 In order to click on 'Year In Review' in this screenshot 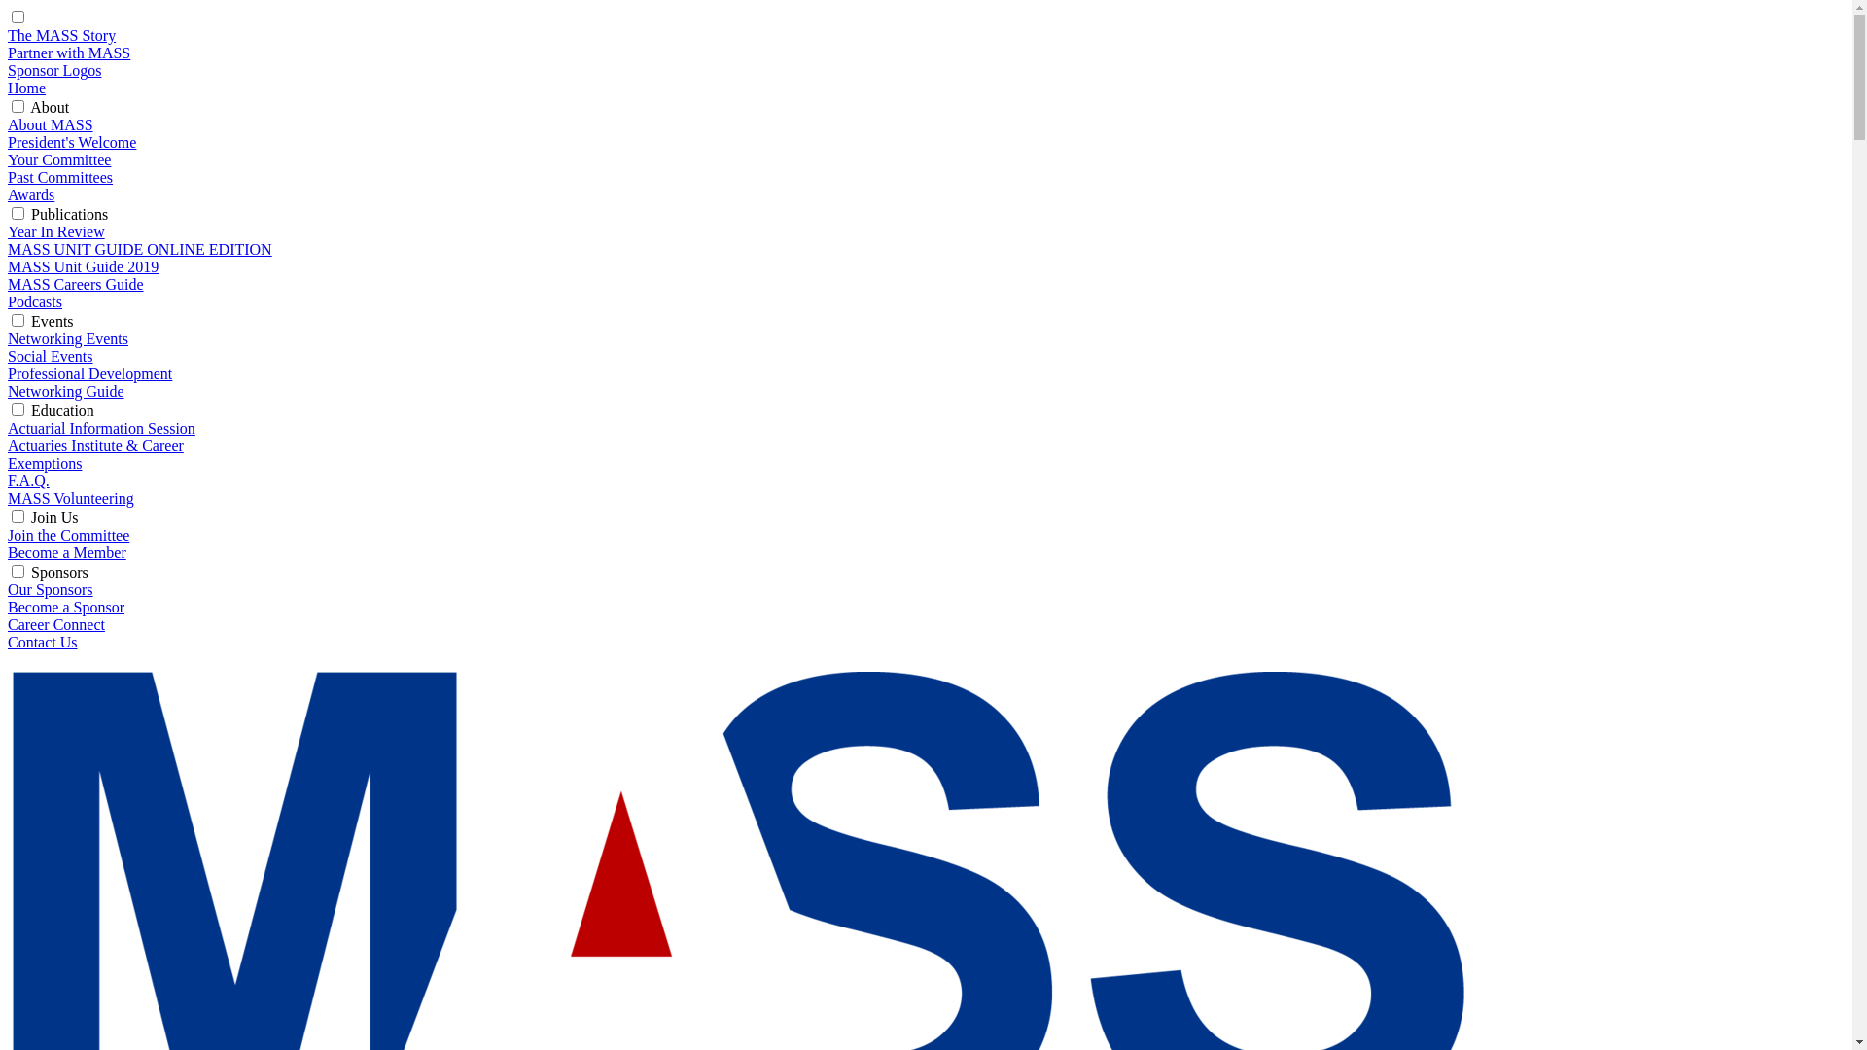, I will do `click(55, 230)`.